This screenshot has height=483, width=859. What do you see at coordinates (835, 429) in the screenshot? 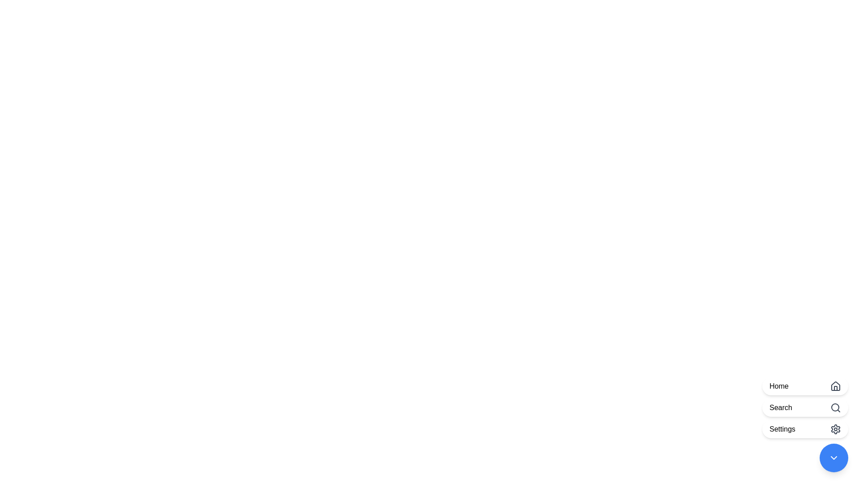
I see `the gear icon` at bounding box center [835, 429].